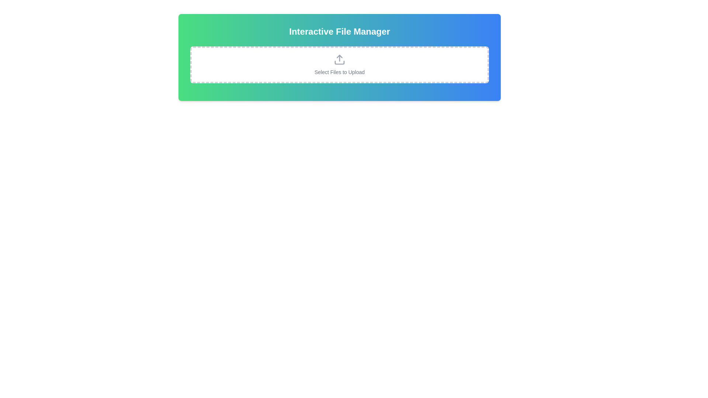 The width and height of the screenshot is (708, 398). What do you see at coordinates (339, 59) in the screenshot?
I see `the upload icon represented by an SVG graphic, located above the 'Select Files to Upload' text` at bounding box center [339, 59].